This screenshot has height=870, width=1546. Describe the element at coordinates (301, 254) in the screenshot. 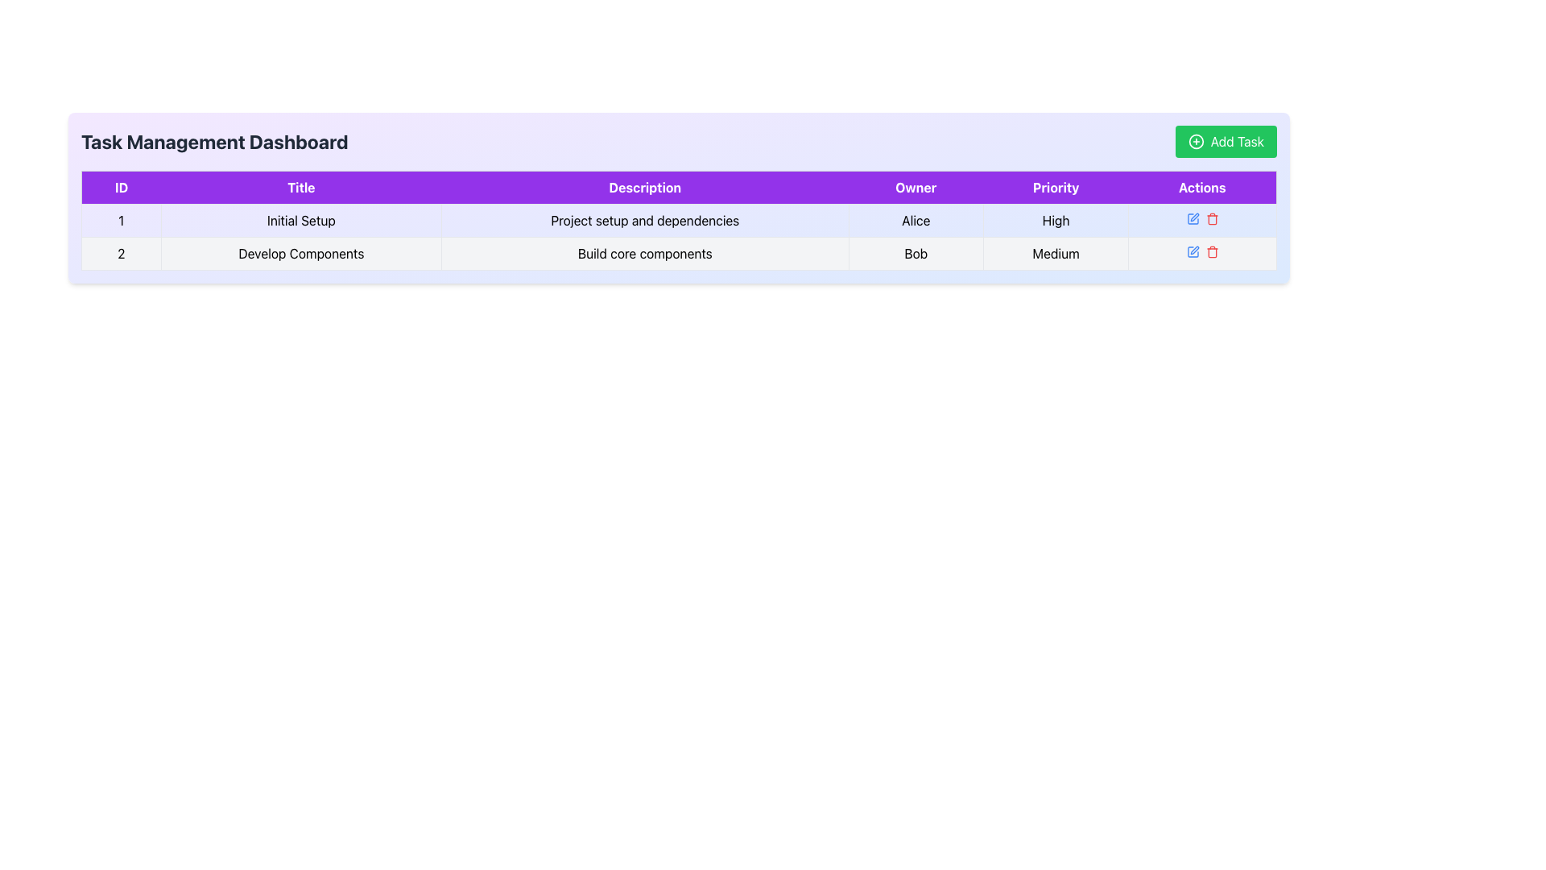

I see `on the table cell containing the text 'Develop Components', which is located in the second row of the table under the 'Title' column` at that location.